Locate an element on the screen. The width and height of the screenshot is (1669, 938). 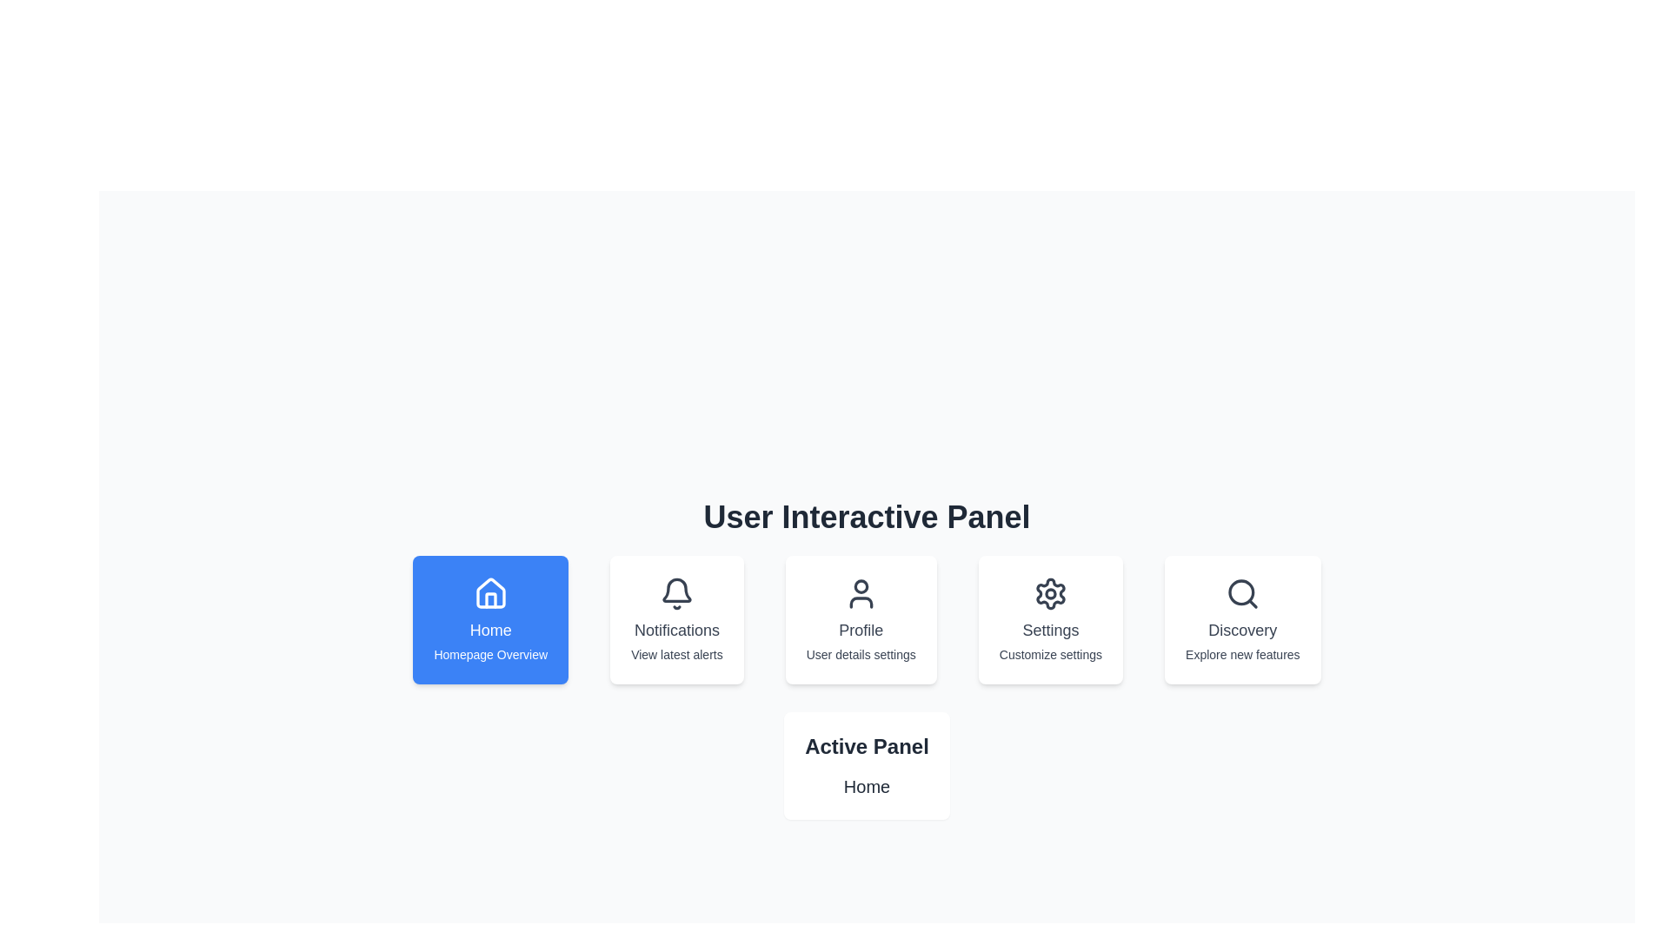
the second text line within the 'Notifications' card, which provides additional details about notifications and is centered horizontally within the card is located at coordinates (675, 654).